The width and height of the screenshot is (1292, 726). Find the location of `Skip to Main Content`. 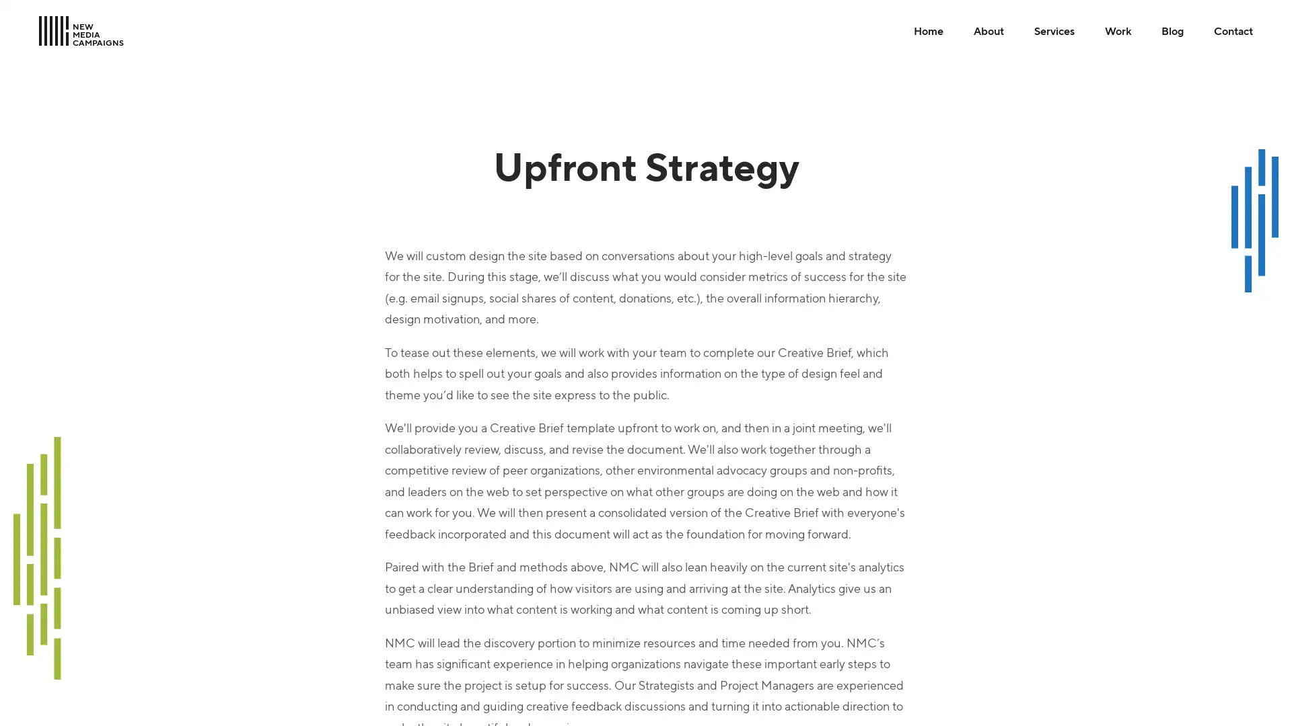

Skip to Main Content is located at coordinates (13, 13).